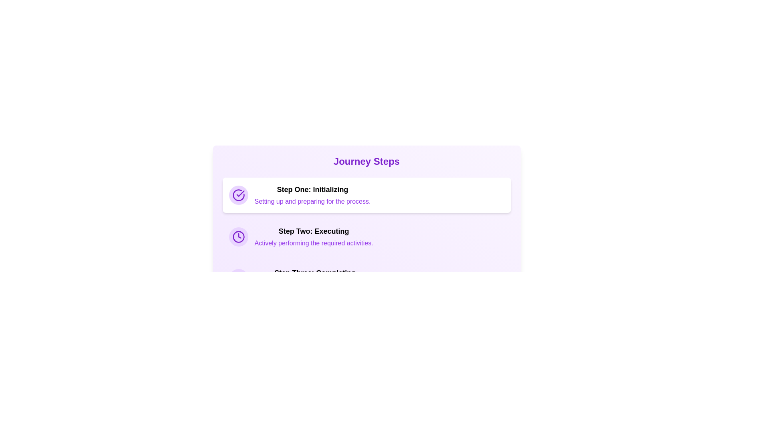 The image size is (769, 433). I want to click on the completion icon for 'Step One: Initializing', which is visually represented with a light purple circular background, located to the left of the corresponding text, so click(238, 195).